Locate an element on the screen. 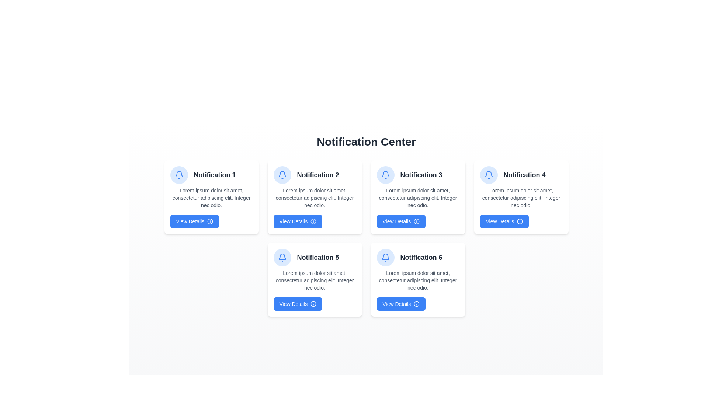 The image size is (708, 398). the Text label displaying the description 'Lorem ipsum dolor sit amet, consectetur adipiscing elit. Integer nec odio.' located in the second notification card under 'Notification 2' and above 'View Details' is located at coordinates (315, 197).